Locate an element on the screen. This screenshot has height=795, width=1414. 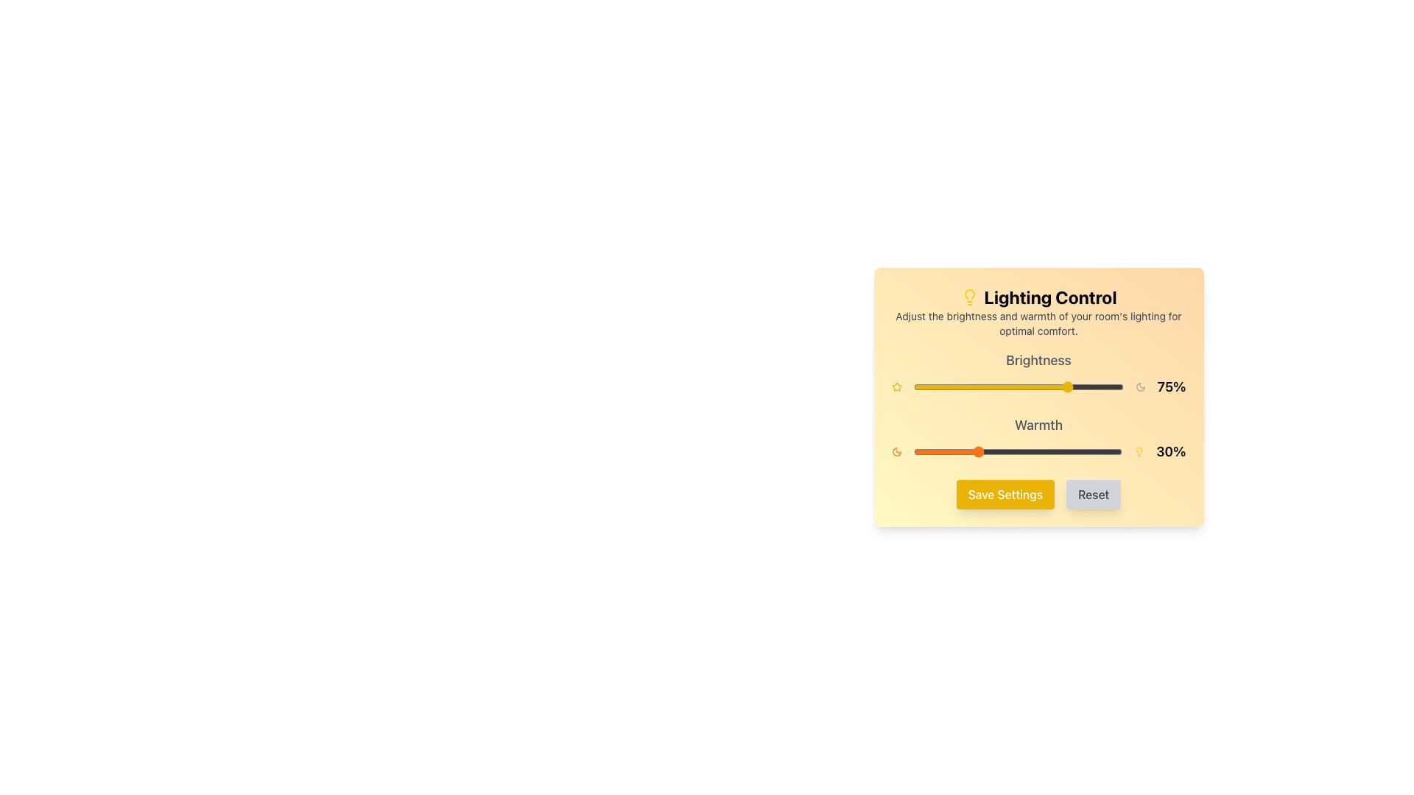
the light bulb icon located in the header section of the 'Lighting Control' card is located at coordinates (969, 297).